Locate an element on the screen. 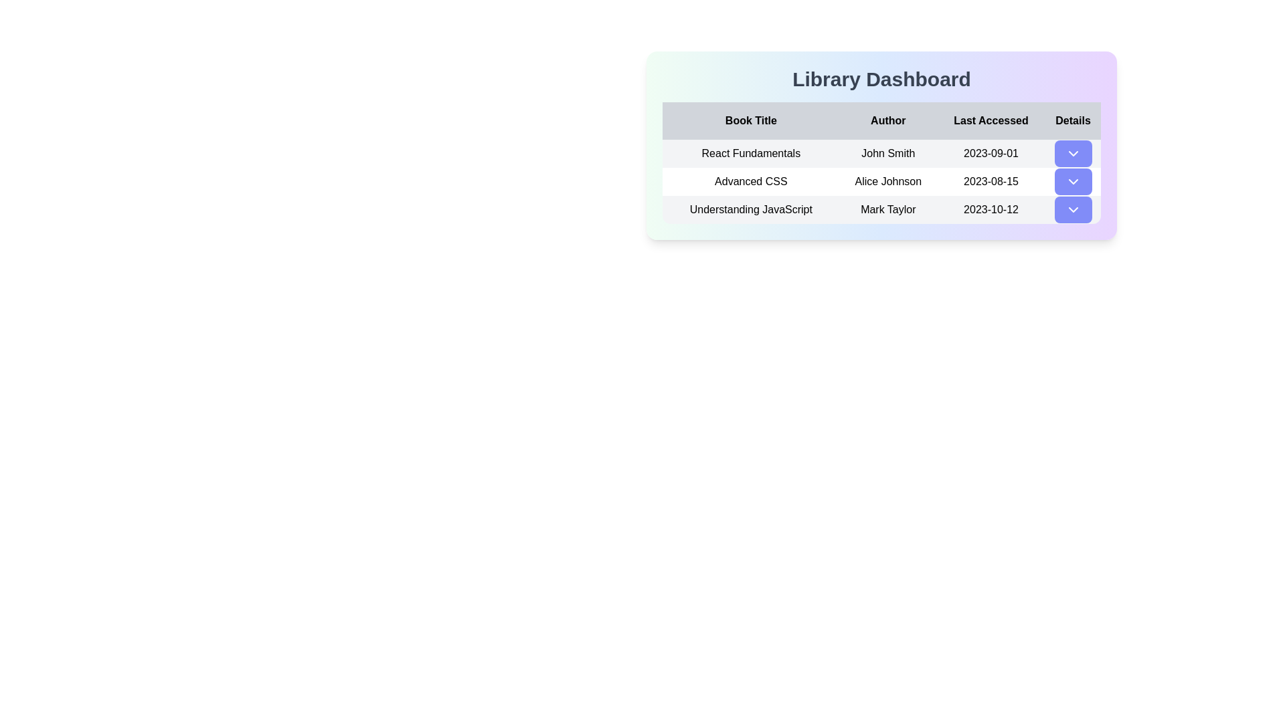 This screenshot has width=1285, height=722. the Text Label displaying the title of a book in the library system, located in the first cell of the third row under the 'Book Title' column, below 'Advanced CSS' is located at coordinates (751, 209).